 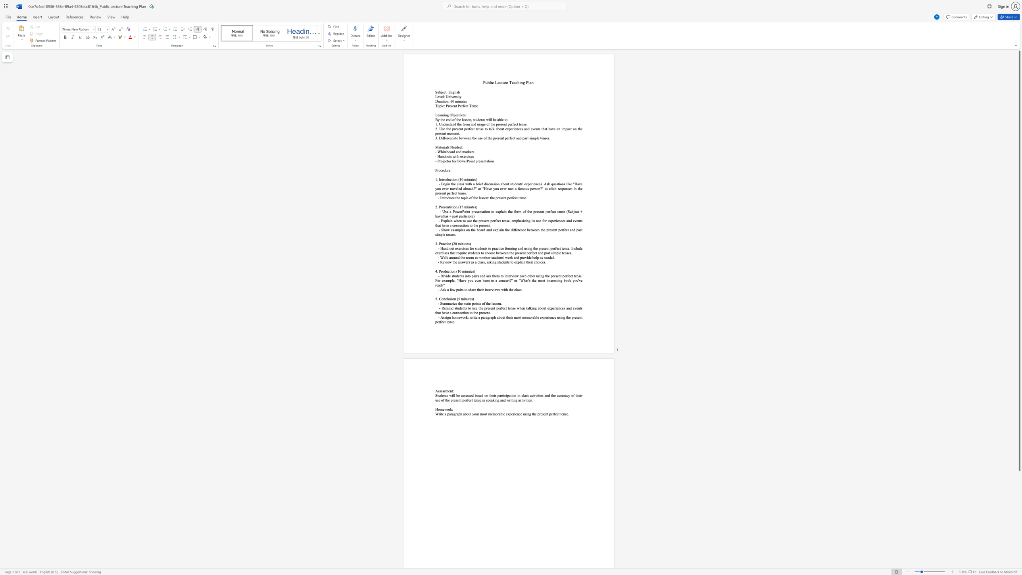 I want to click on the subset text "en" within the text "- Review the answers as a class, asking students to explain their choices.", so click(x=503, y=262).